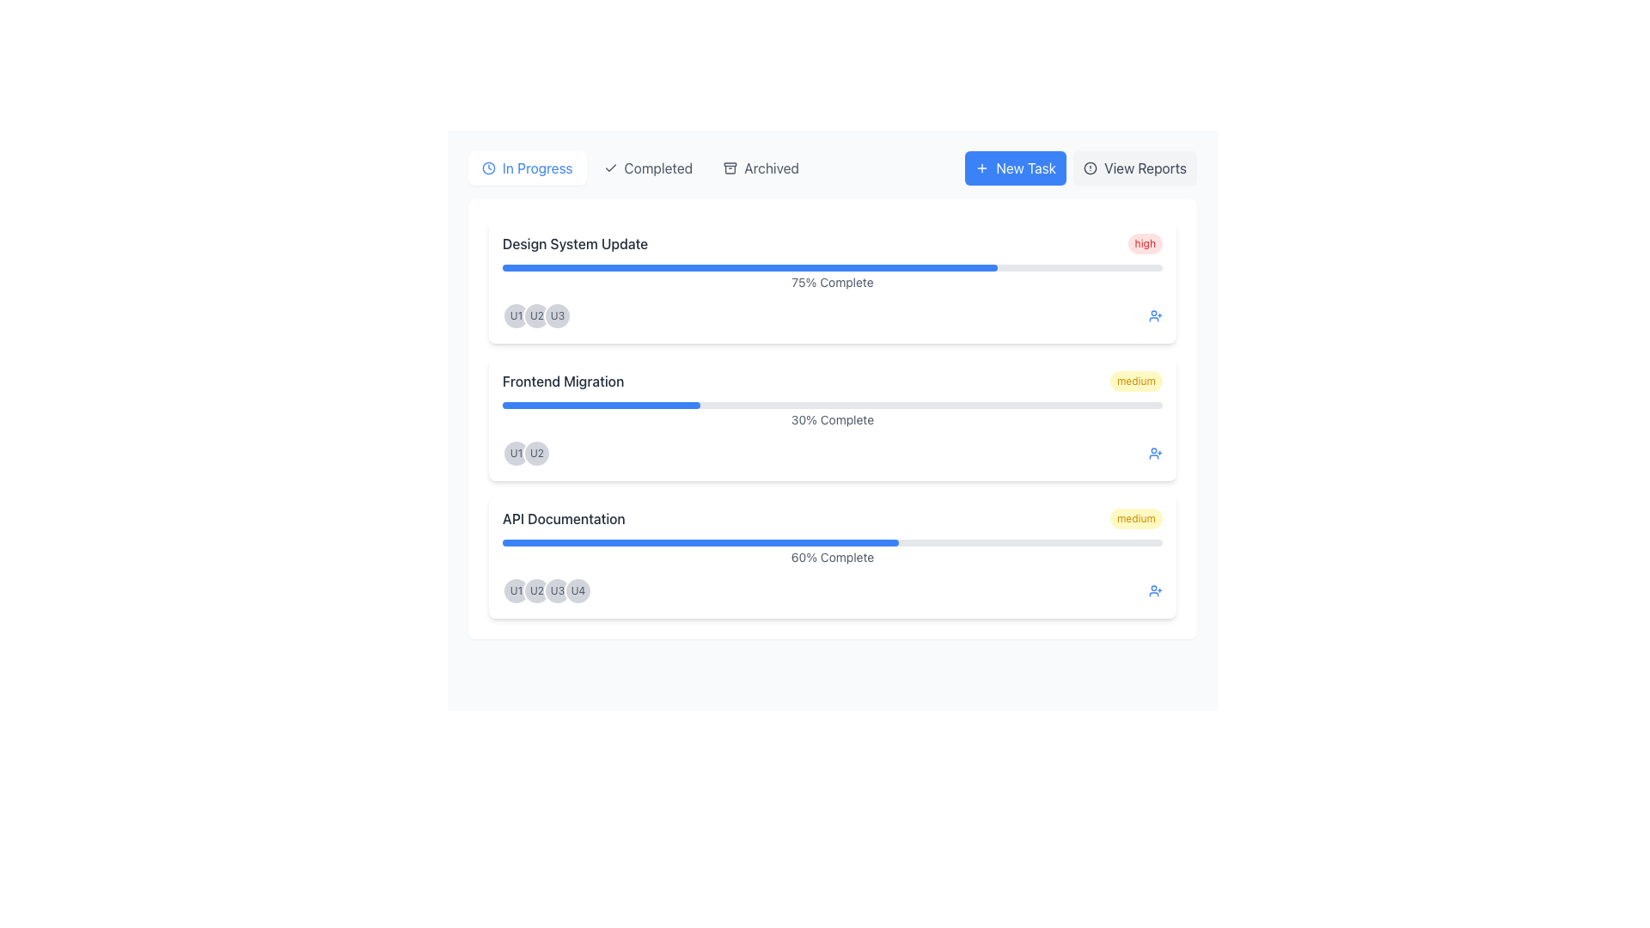 This screenshot has height=928, width=1650. What do you see at coordinates (761, 168) in the screenshot?
I see `the filter button for 'Archived' entries, which is the third button in a horizontal group of three, located at the top center of the interface` at bounding box center [761, 168].